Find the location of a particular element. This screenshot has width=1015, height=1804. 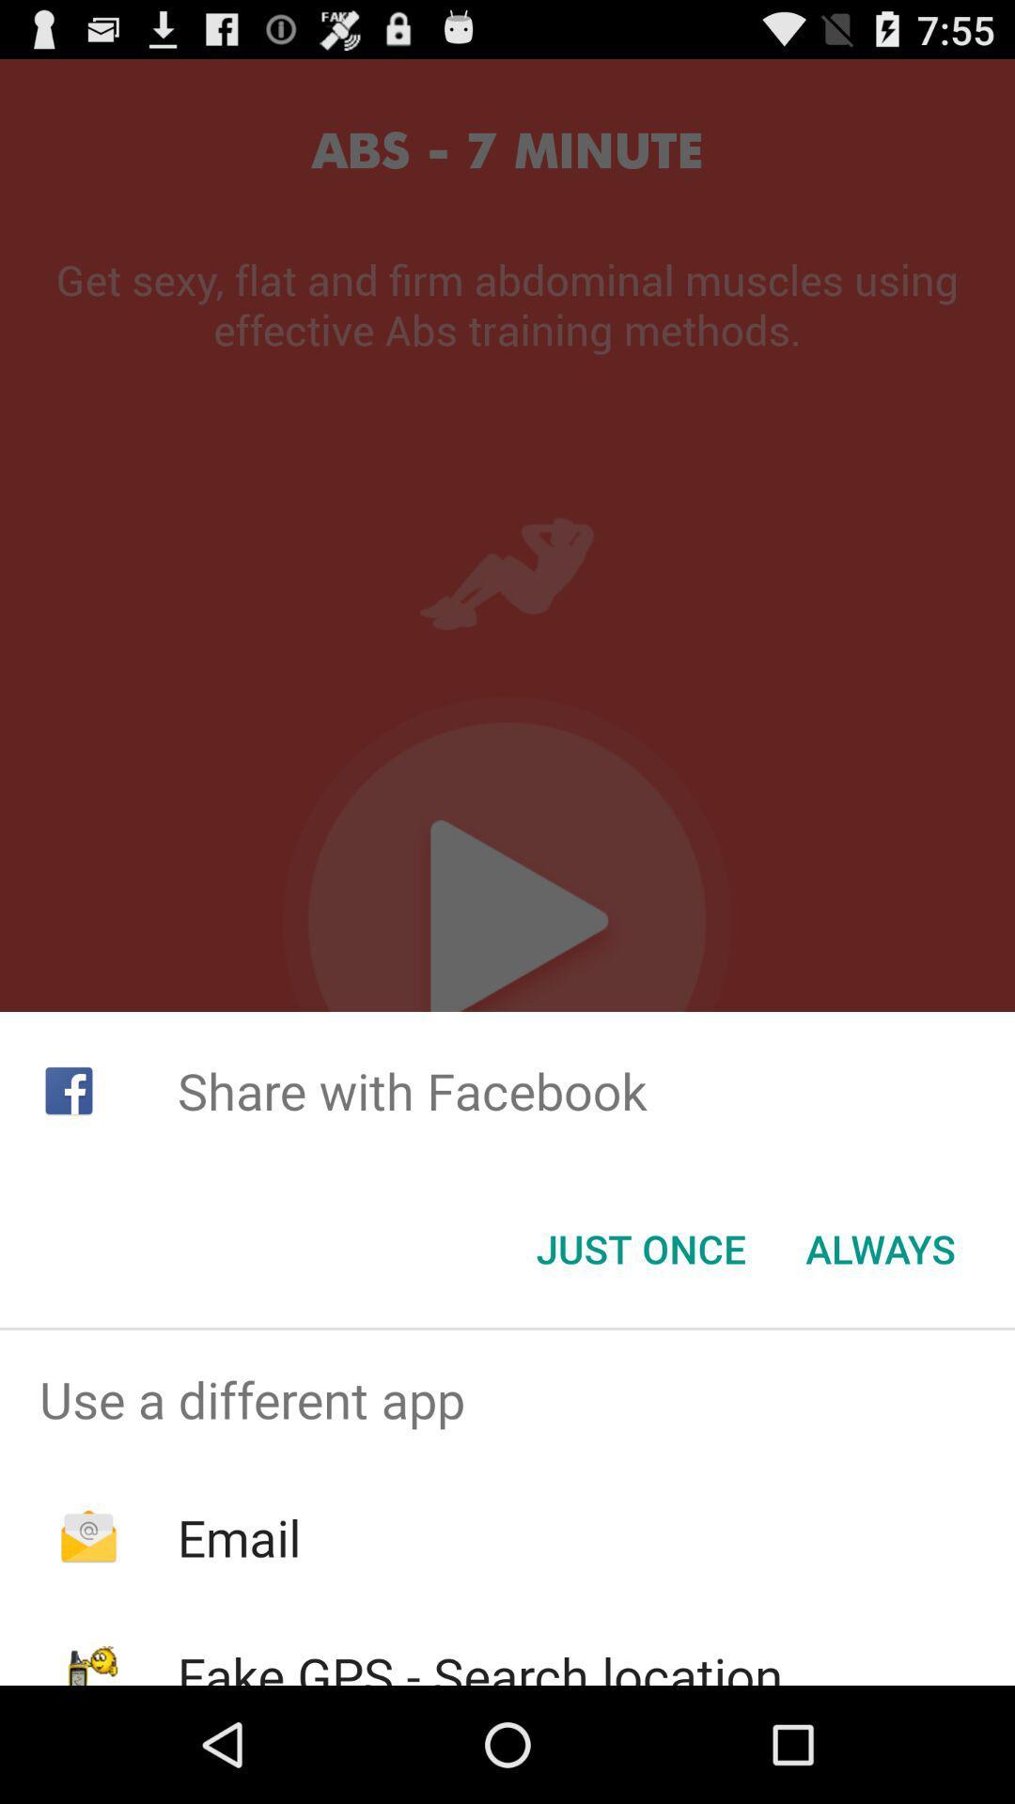

the icon above the fake gps search icon is located at coordinates (238, 1537).